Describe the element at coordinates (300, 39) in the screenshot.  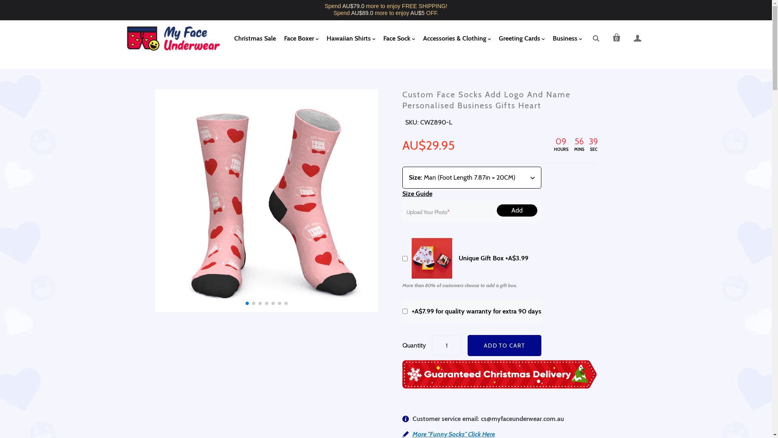
I see `'Face Boxer'` at that location.